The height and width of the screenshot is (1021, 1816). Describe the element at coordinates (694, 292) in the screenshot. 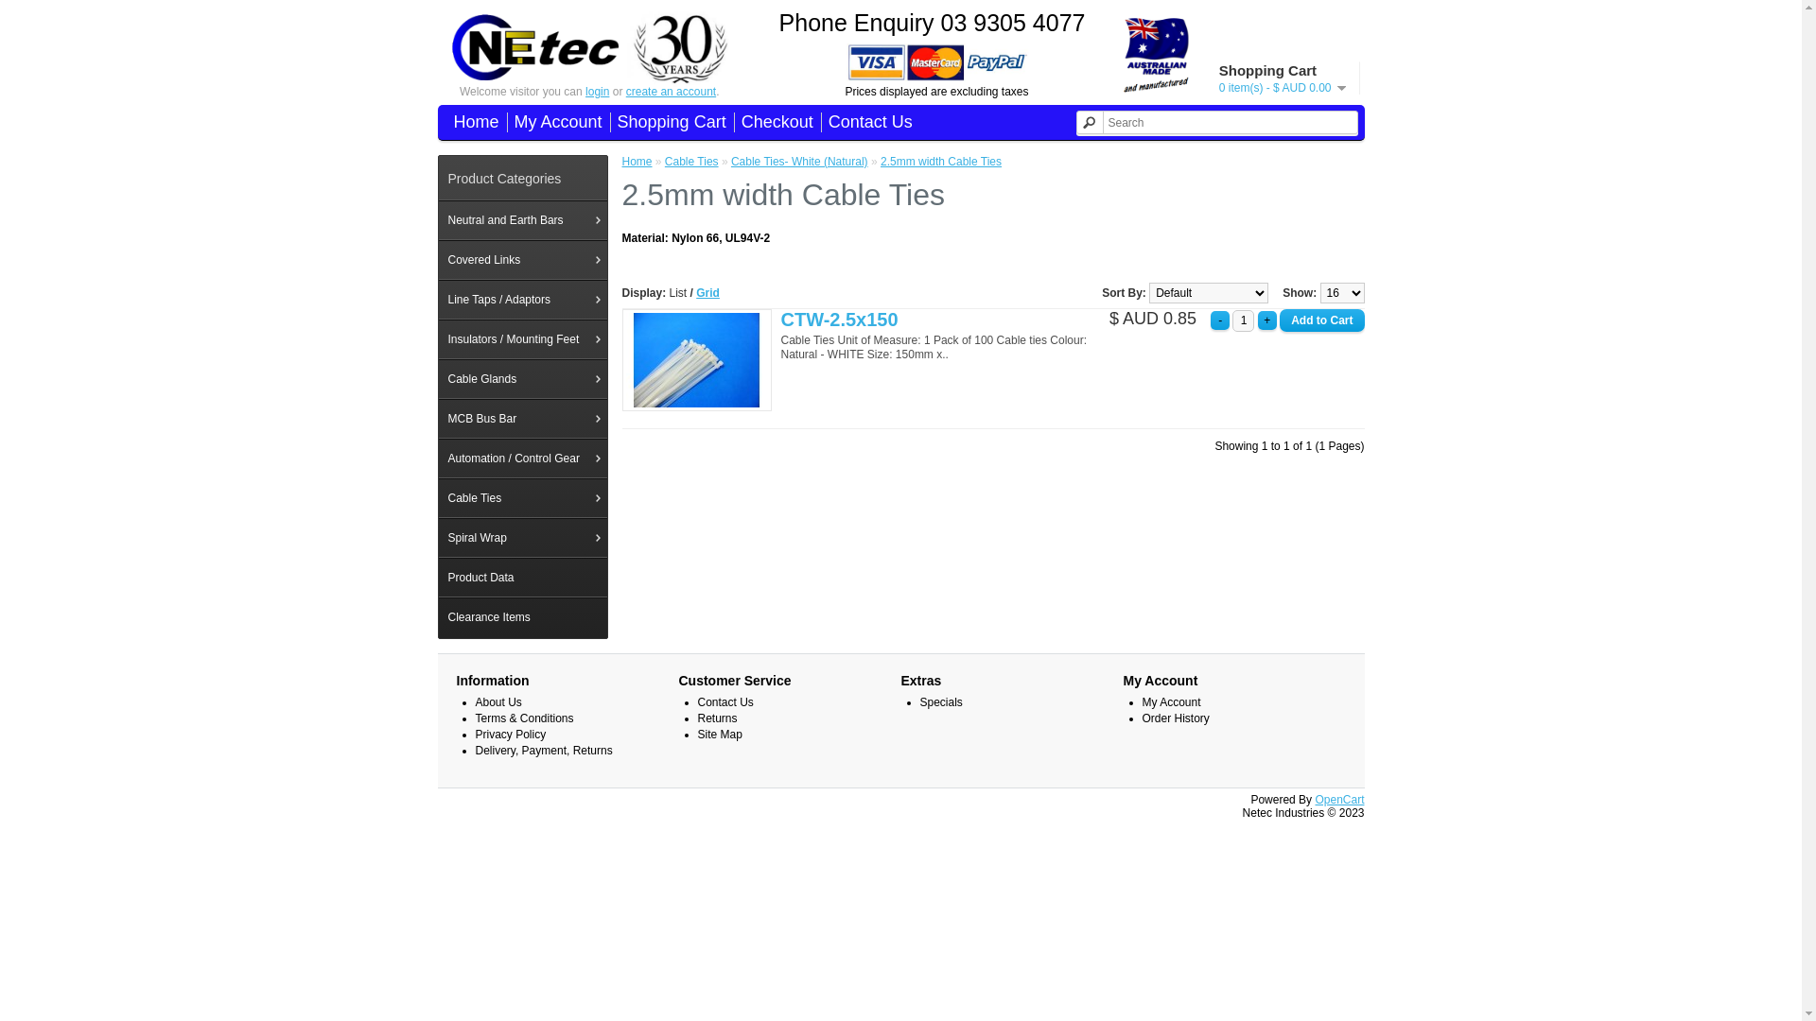

I see `'Grid'` at that location.